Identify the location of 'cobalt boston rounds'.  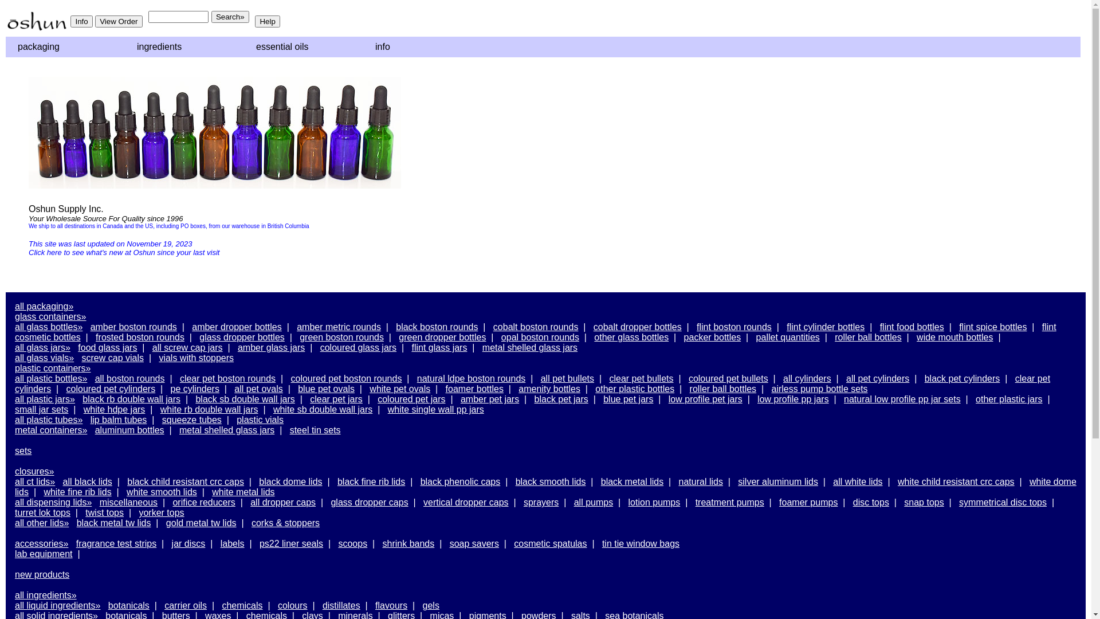
(535, 327).